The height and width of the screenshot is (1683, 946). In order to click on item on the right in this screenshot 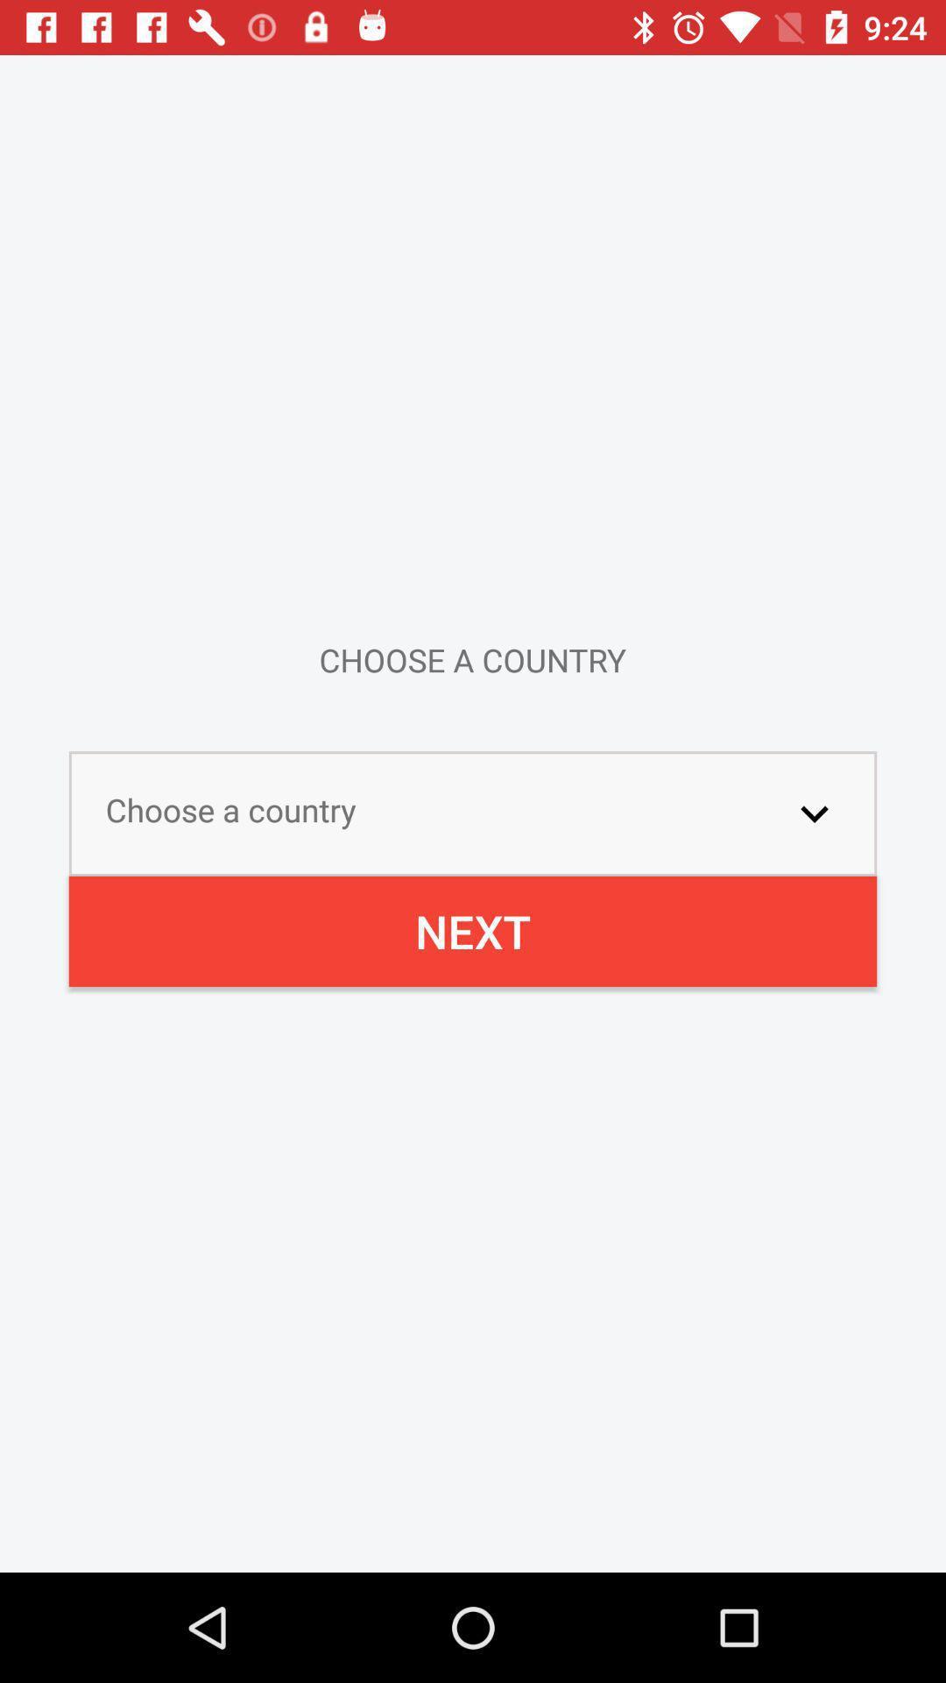, I will do `click(814, 813)`.